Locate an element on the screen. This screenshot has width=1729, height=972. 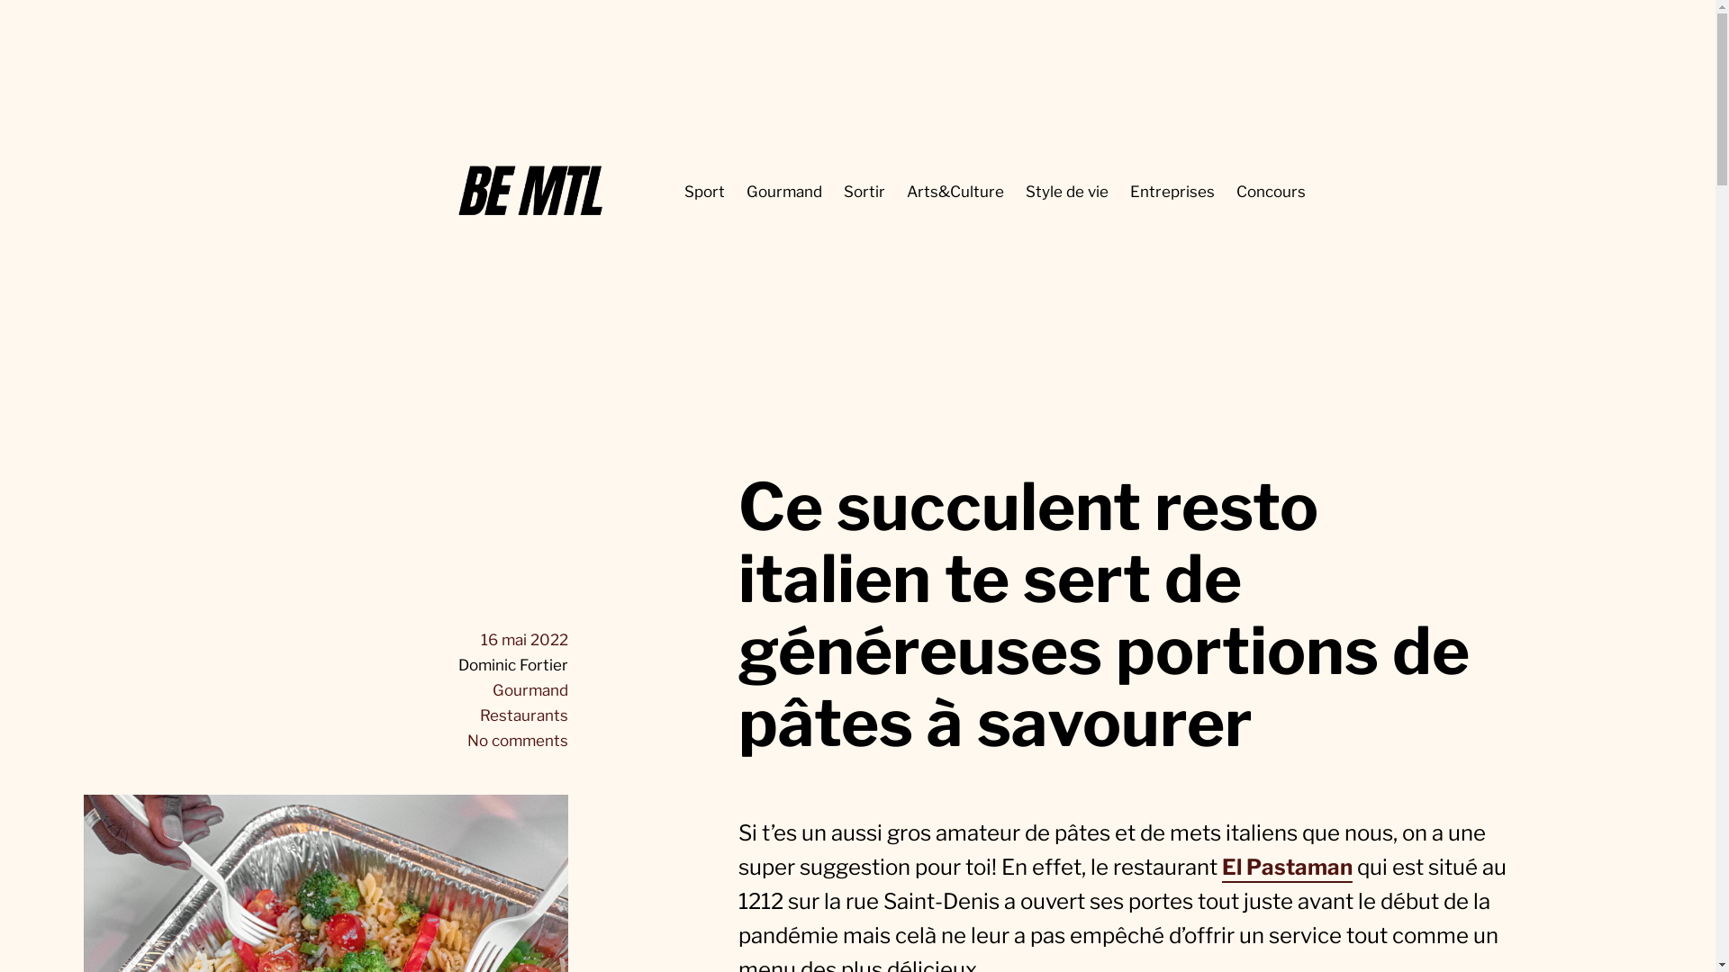
'Style de vie' is located at coordinates (1067, 191).